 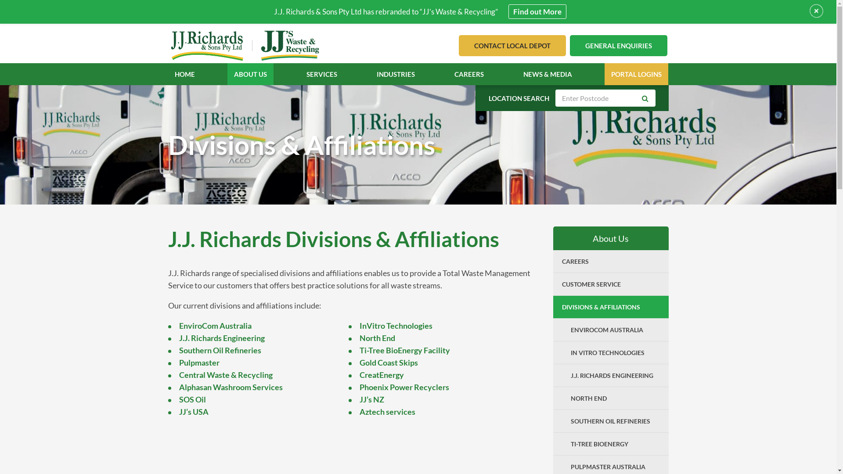 I want to click on 'ENVIROCOM AUSTRALIA', so click(x=615, y=330).